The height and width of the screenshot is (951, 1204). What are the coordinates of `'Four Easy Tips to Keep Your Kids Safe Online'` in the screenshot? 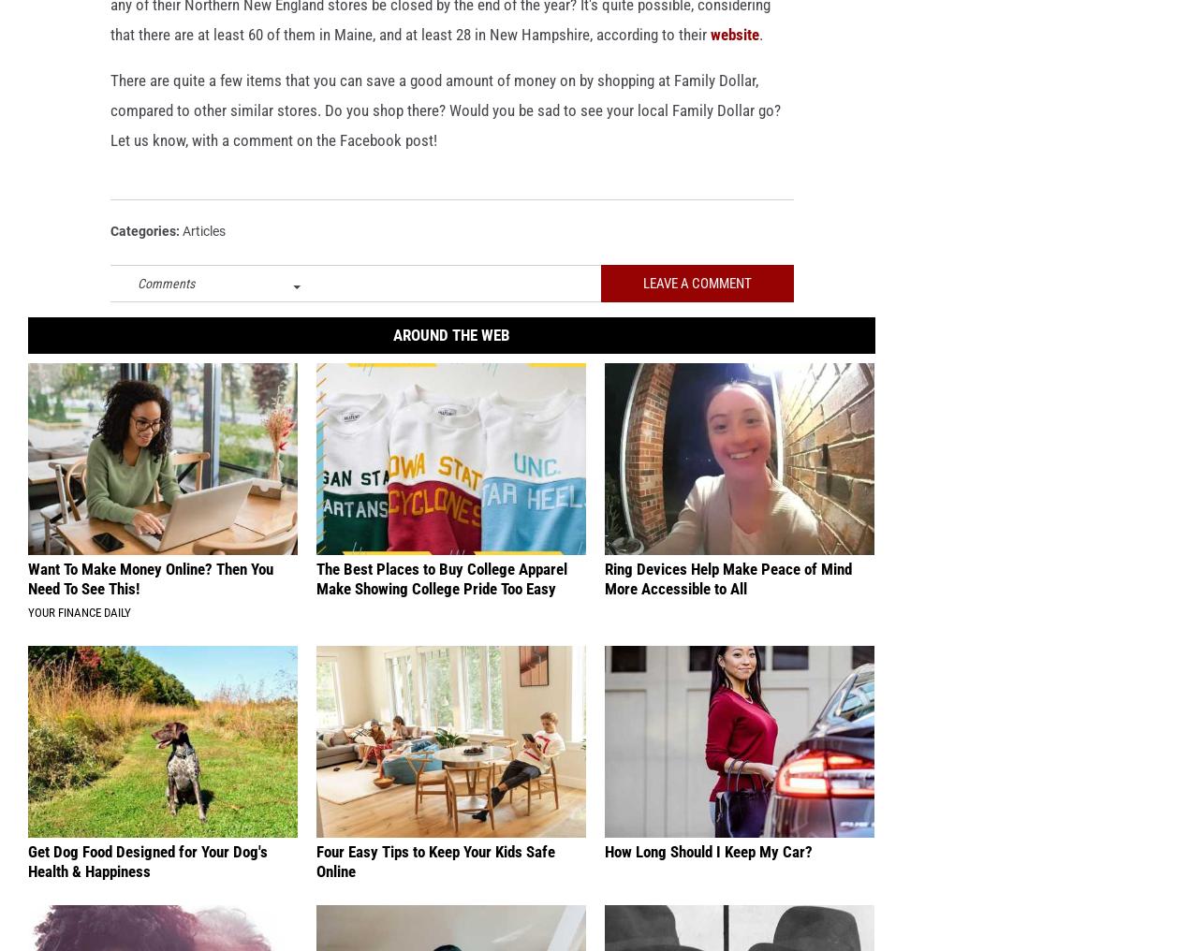 It's located at (434, 889).